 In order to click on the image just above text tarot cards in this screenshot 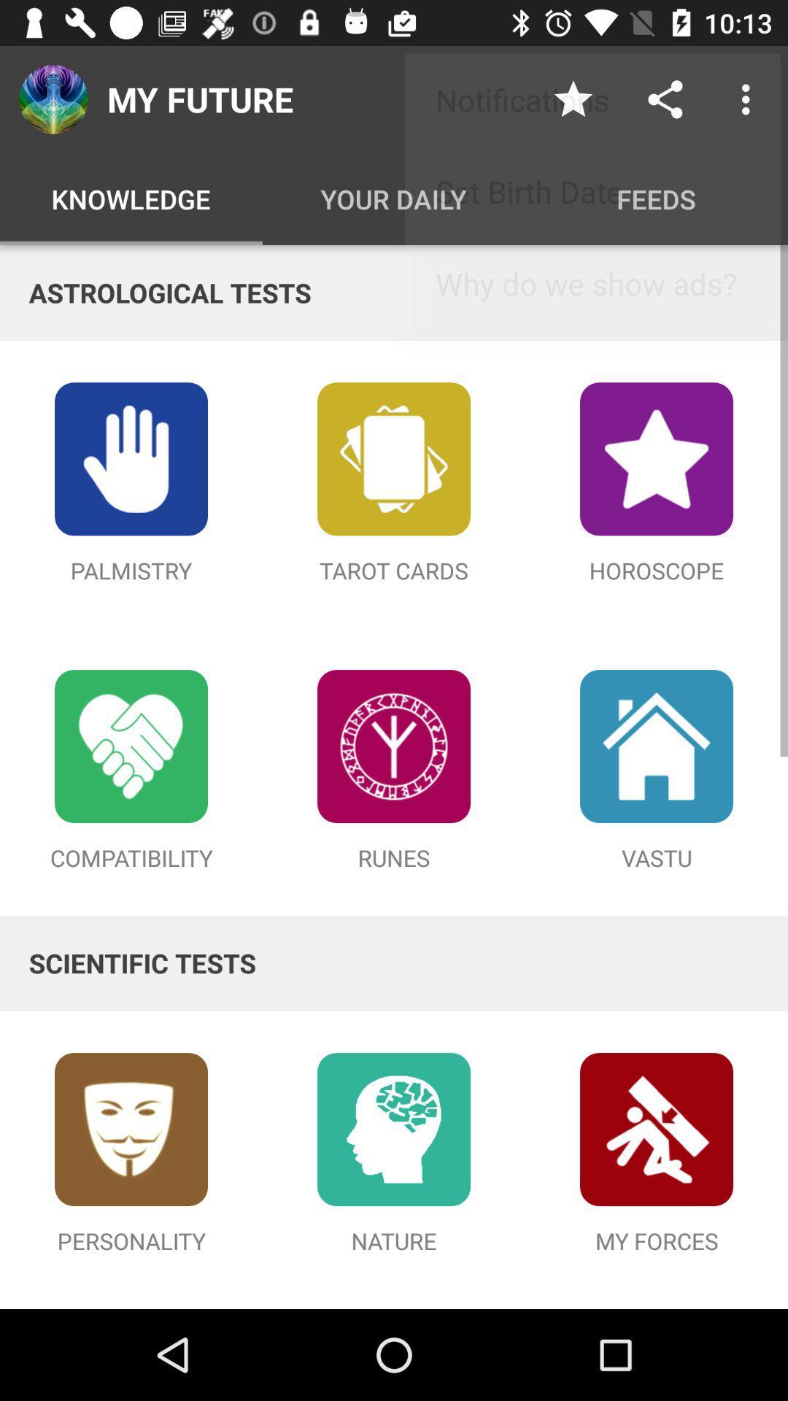, I will do `click(394, 458)`.